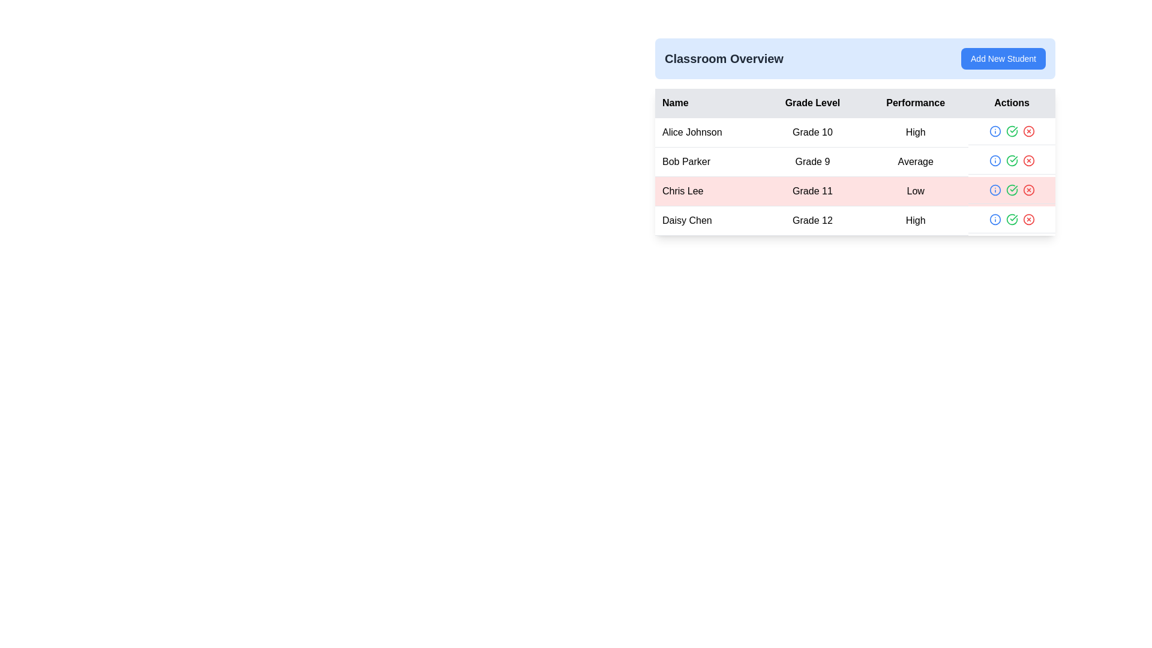  Describe the element at coordinates (995, 189) in the screenshot. I see `the 'info' icon located in the 'Actions' column for 'Chris Lee'` at that location.